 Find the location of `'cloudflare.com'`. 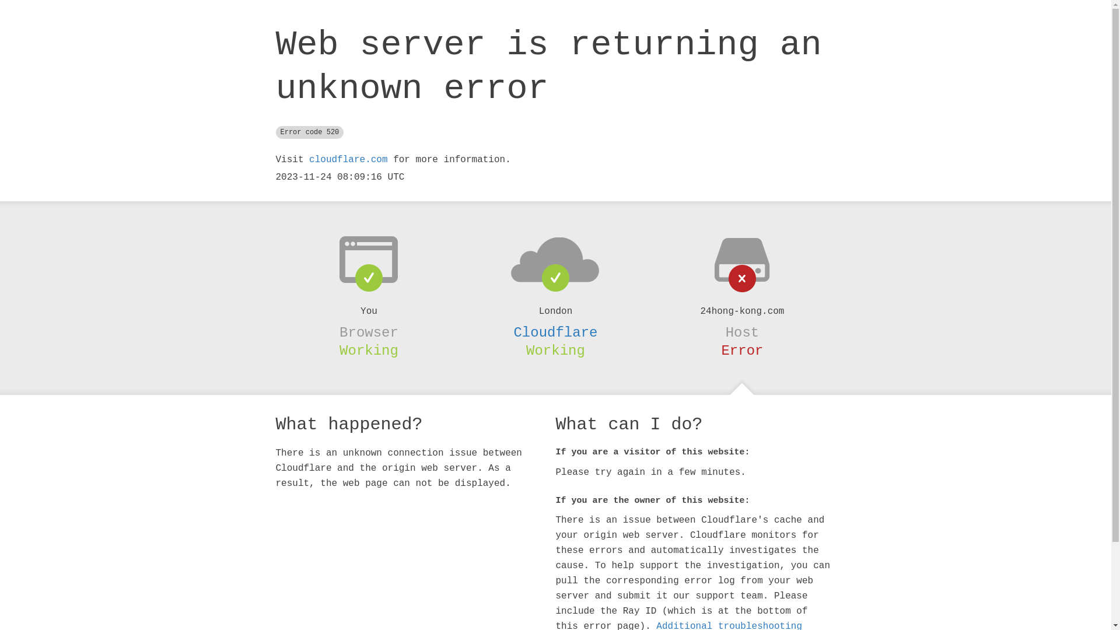

'cloudflare.com' is located at coordinates (347, 159).